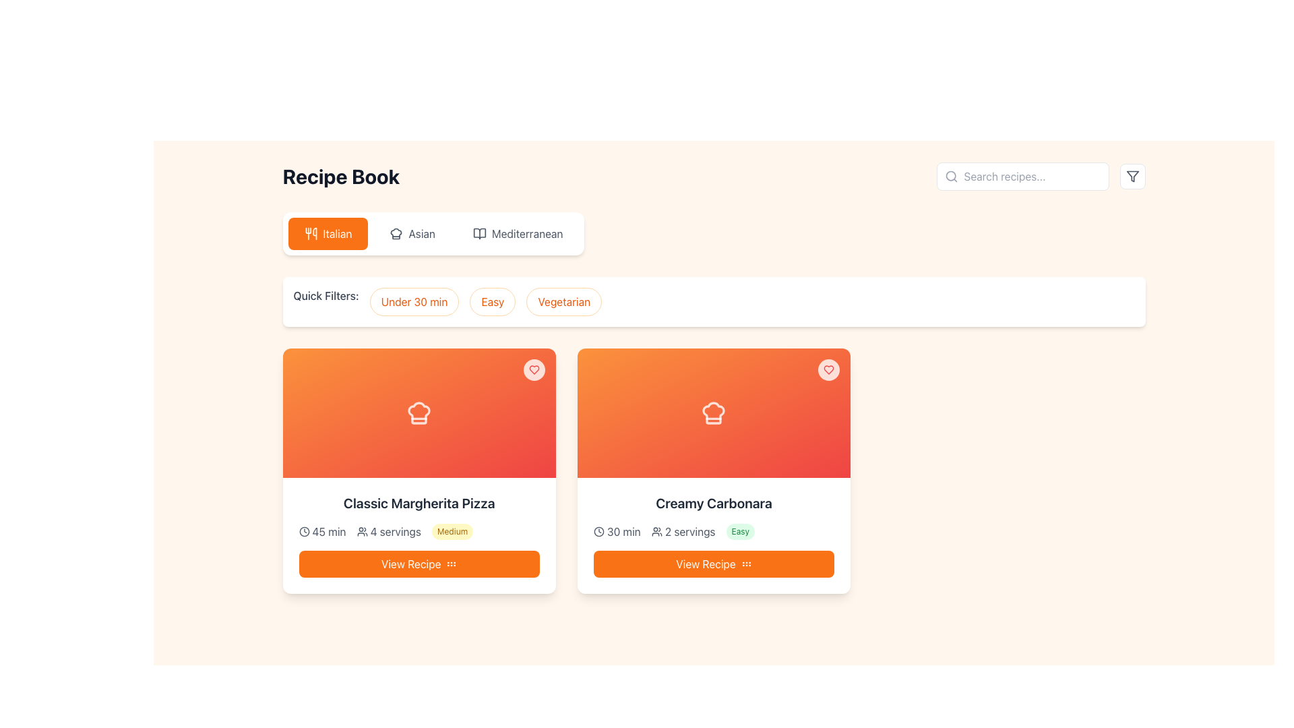 This screenshot has width=1294, height=728. I want to click on the text indicating '4 servings' beneath the 'Classic Margherita Pizza' card in the recipe details section, so click(388, 531).